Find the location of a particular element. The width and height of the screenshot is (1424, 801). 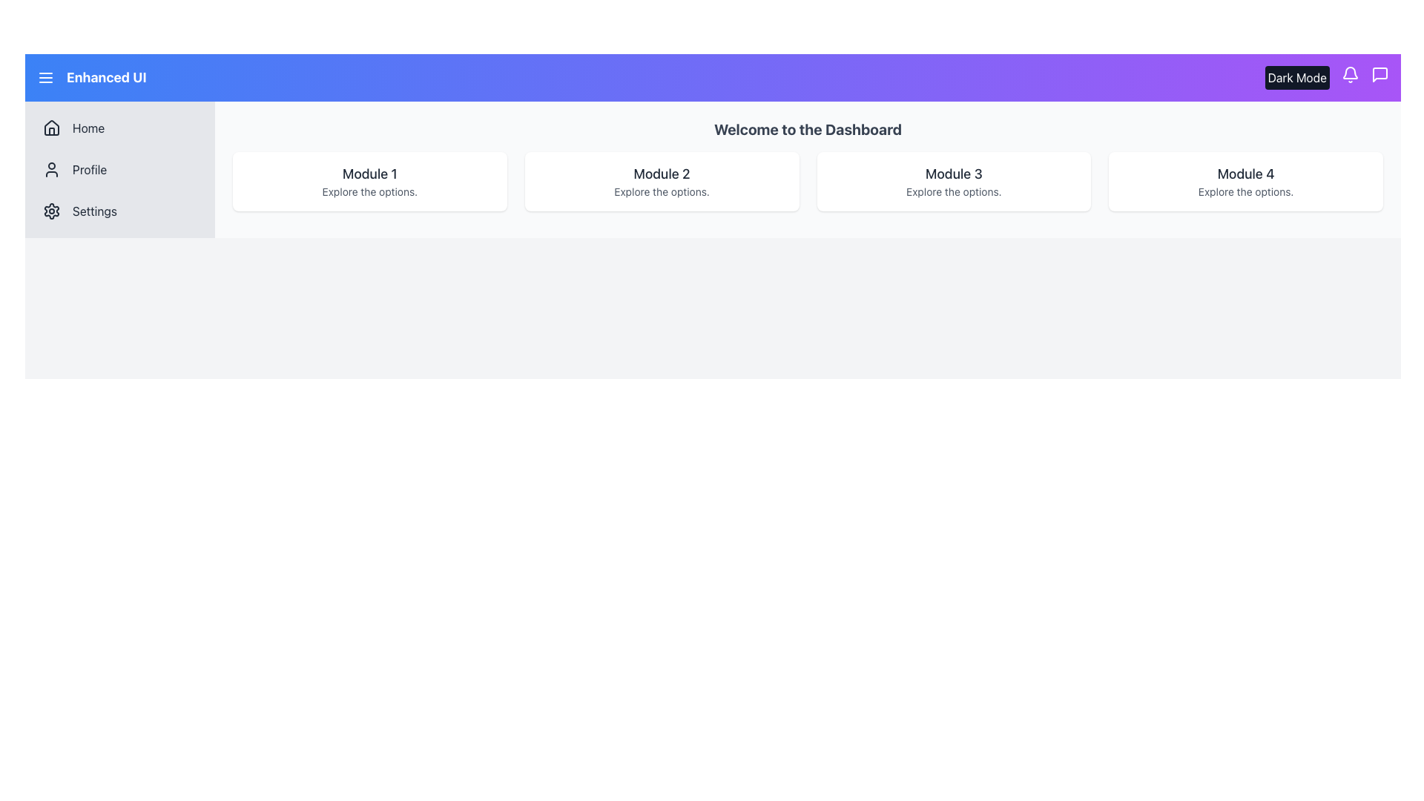

the module selector card for 'Module 1' located at the top left of the grid is located at coordinates (369, 181).